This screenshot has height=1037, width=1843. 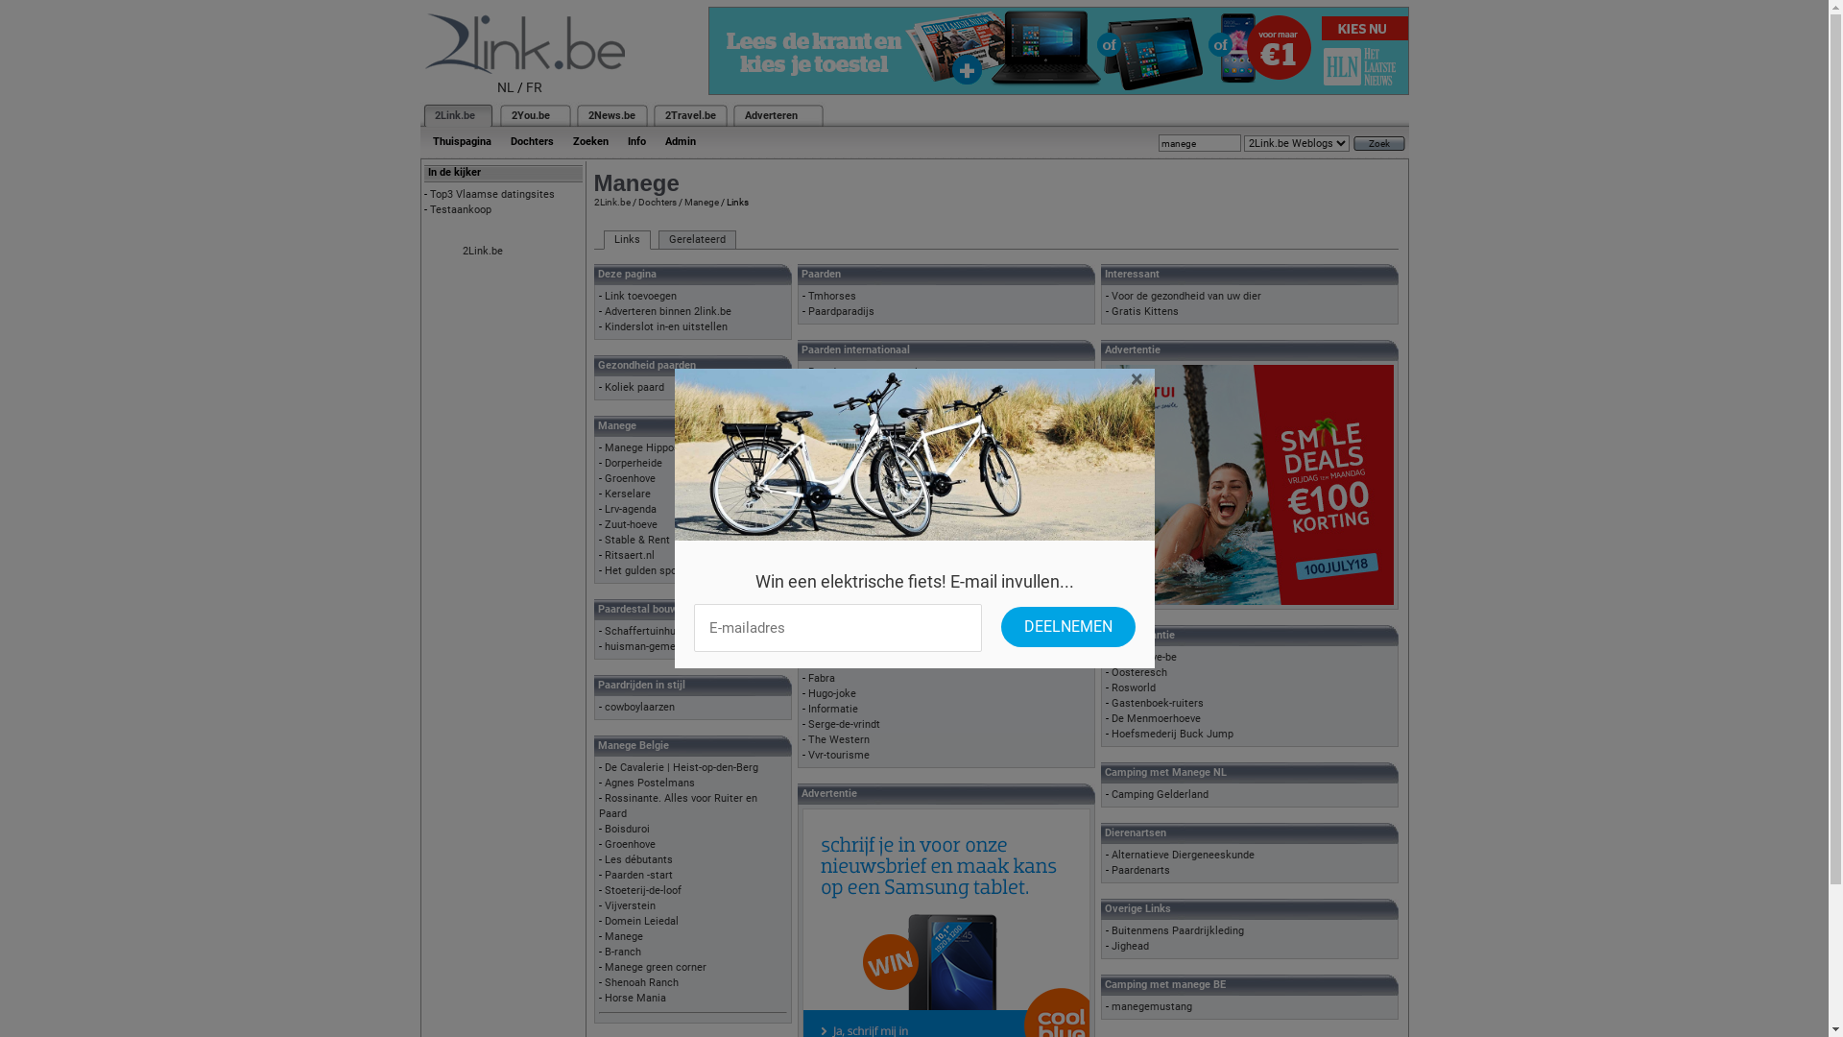 I want to click on 'Jighead', so click(x=1130, y=945).